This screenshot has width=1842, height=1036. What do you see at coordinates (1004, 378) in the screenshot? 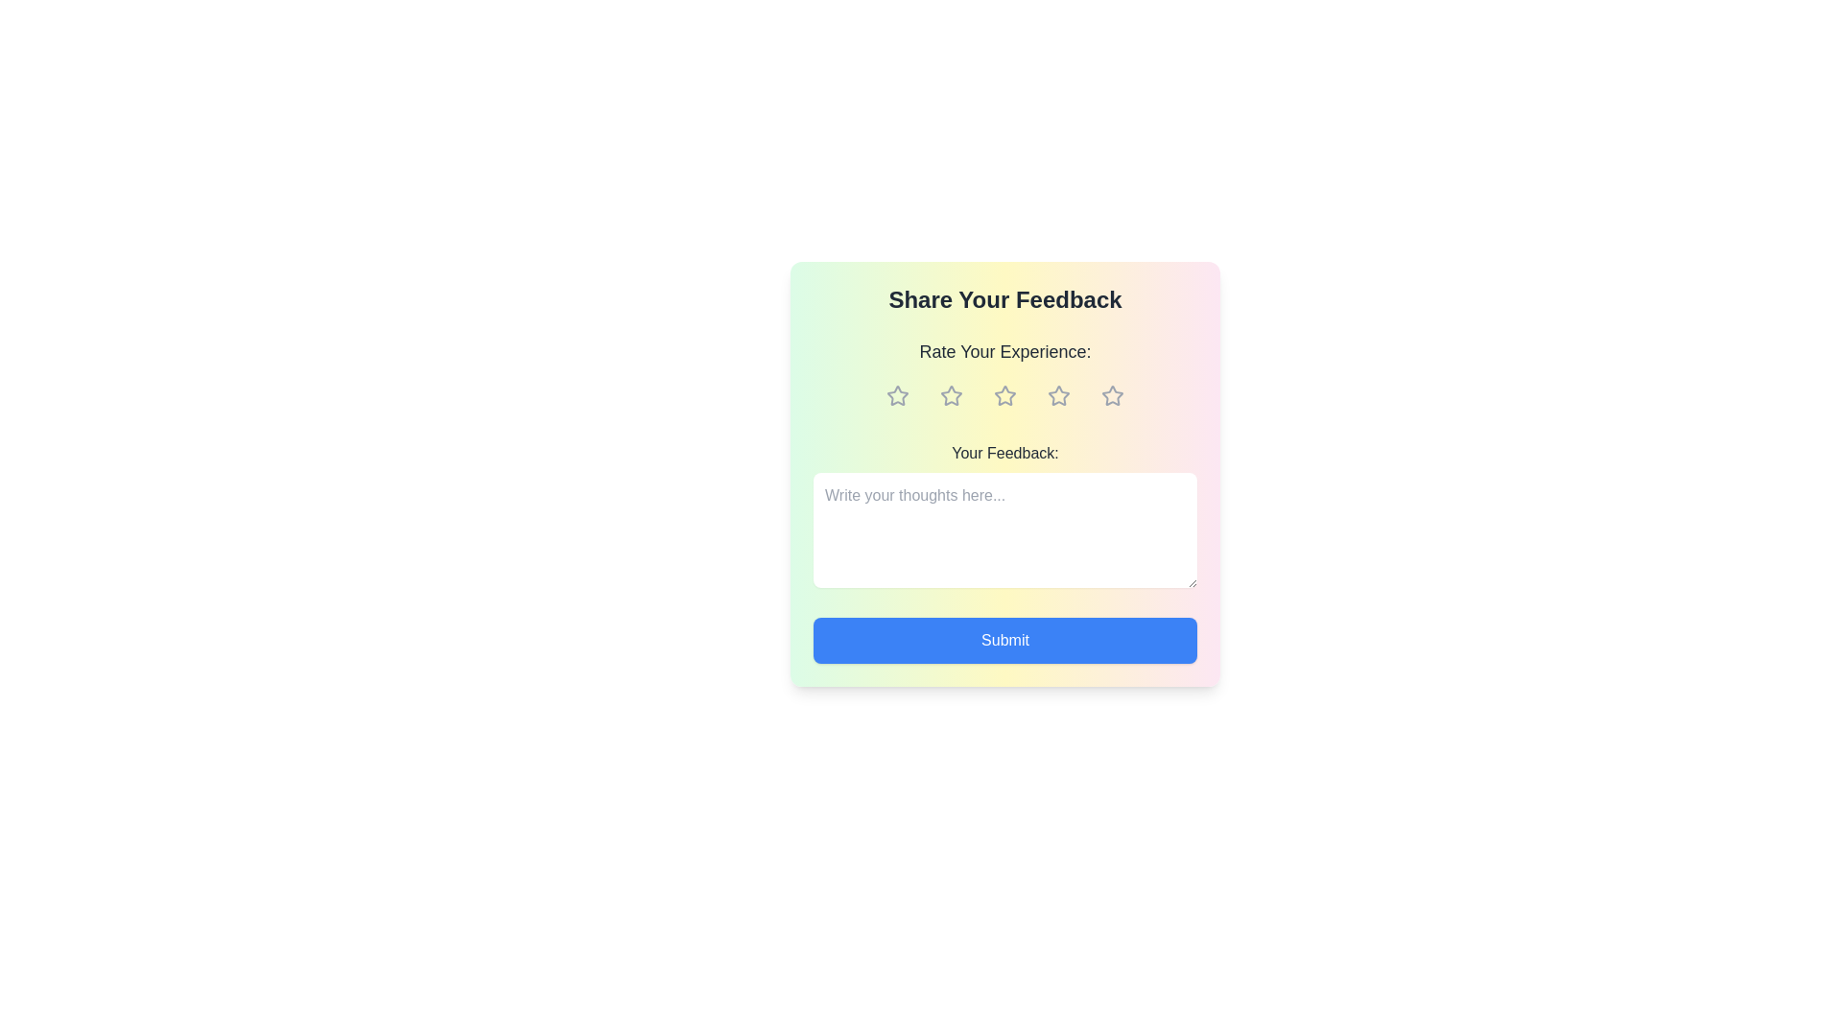
I see `the Rating input element by using the keyboard for accessibility` at bounding box center [1004, 378].